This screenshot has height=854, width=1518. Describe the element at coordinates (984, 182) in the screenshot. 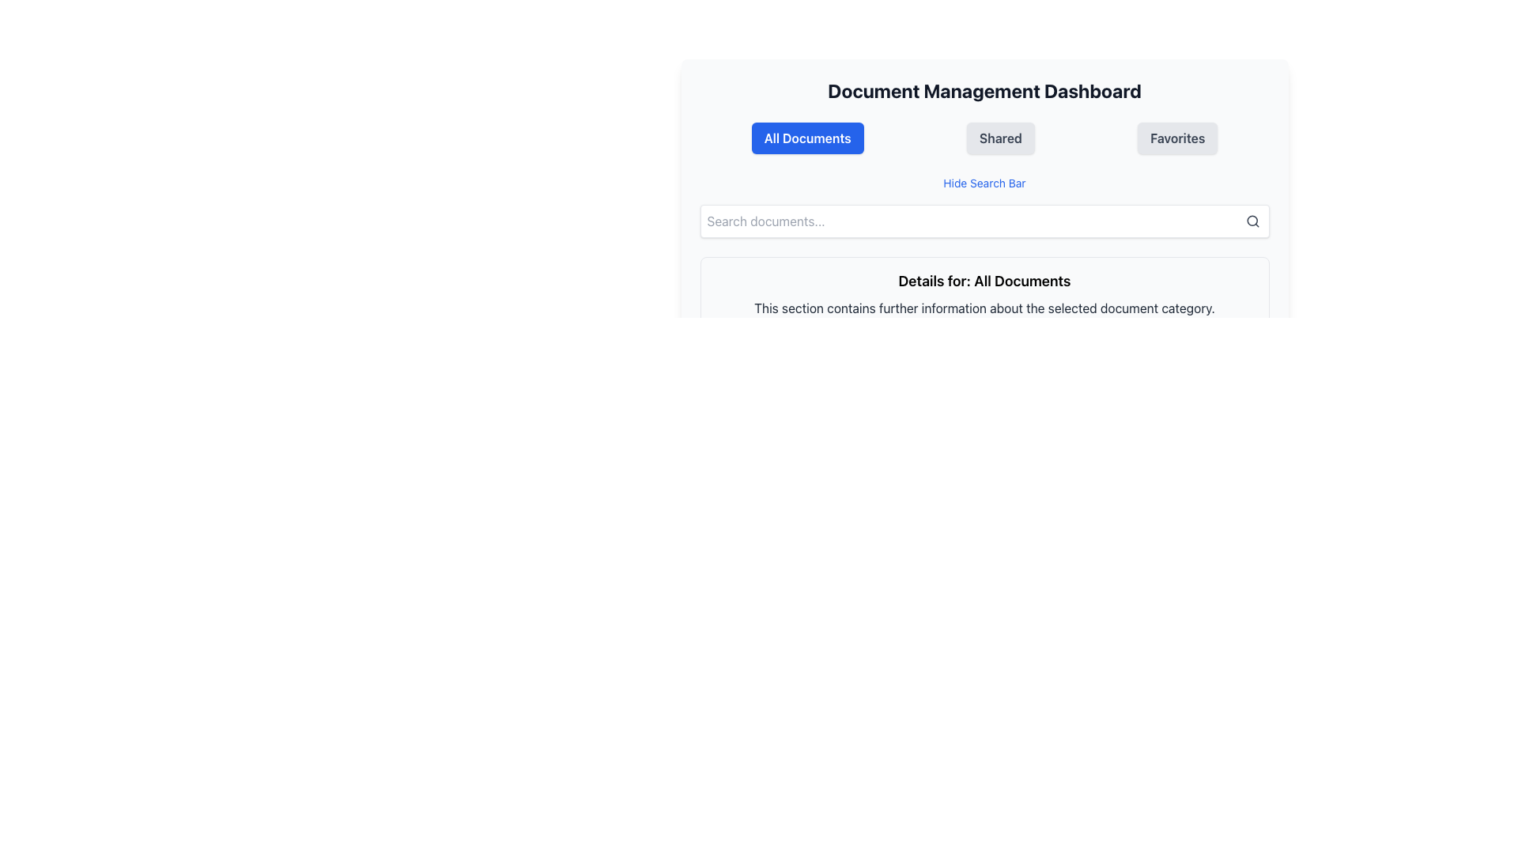

I see `the hyperlink with blue text color located below the 'All Documents', 'Shared', and 'Favorites' buttons in the Document Management Dashboard to observe its style change` at that location.